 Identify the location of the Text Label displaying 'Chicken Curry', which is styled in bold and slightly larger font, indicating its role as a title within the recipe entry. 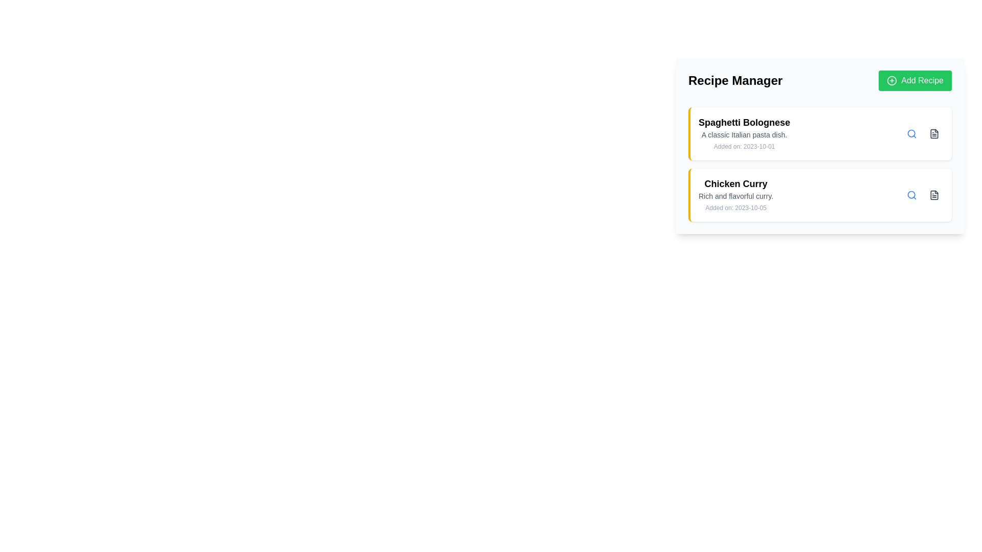
(735, 183).